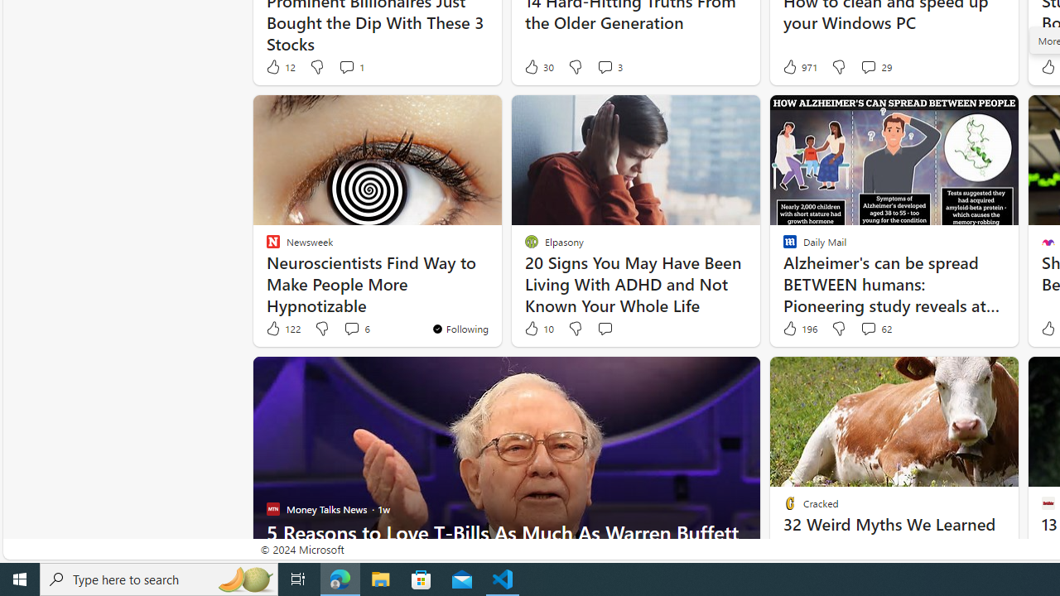 The width and height of the screenshot is (1060, 596). Describe the element at coordinates (604, 66) in the screenshot. I see `'View comments 3 Comment'` at that location.